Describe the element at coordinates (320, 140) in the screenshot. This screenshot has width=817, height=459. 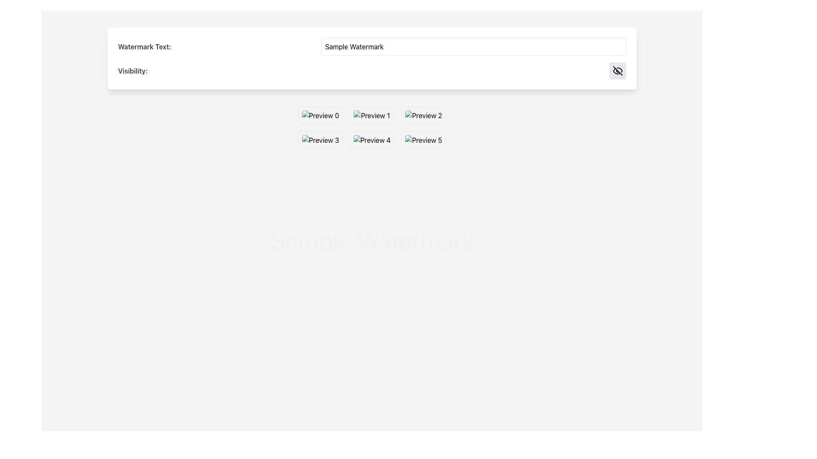
I see `the preview image located in the bottom-left corner of the grid layout, specifically the third item in the first row of thumbnails` at that location.